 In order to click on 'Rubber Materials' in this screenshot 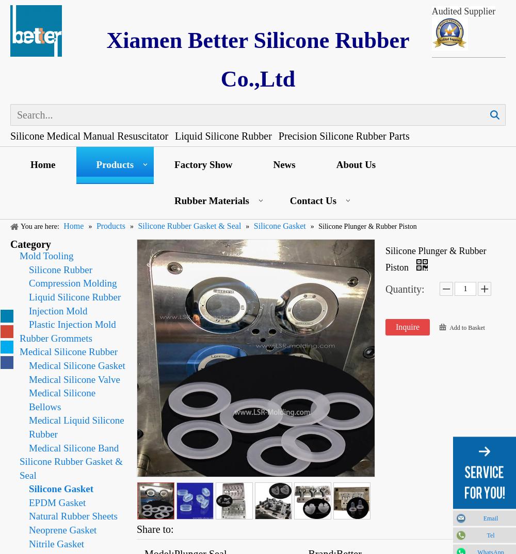, I will do `click(212, 200)`.